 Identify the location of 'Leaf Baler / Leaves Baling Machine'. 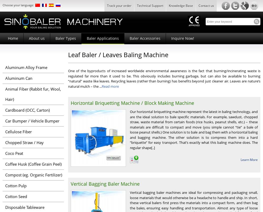
(118, 54).